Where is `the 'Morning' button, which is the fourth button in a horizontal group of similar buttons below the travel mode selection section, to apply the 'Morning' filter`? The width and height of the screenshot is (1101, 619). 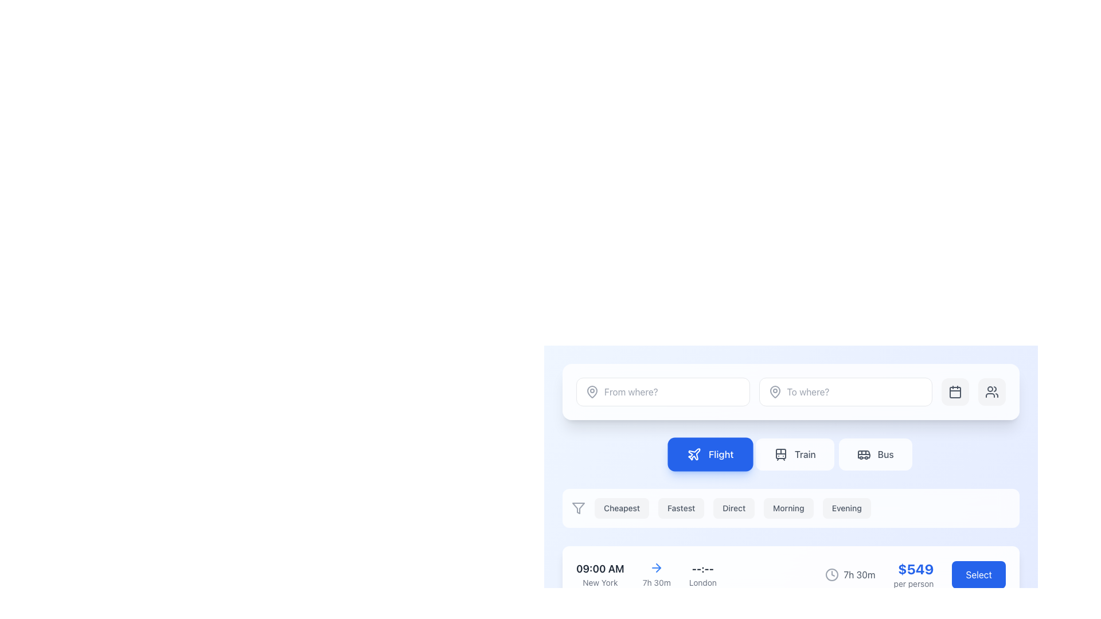 the 'Morning' button, which is the fourth button in a horizontal group of similar buttons below the travel mode selection section, to apply the 'Morning' filter is located at coordinates (790, 508).